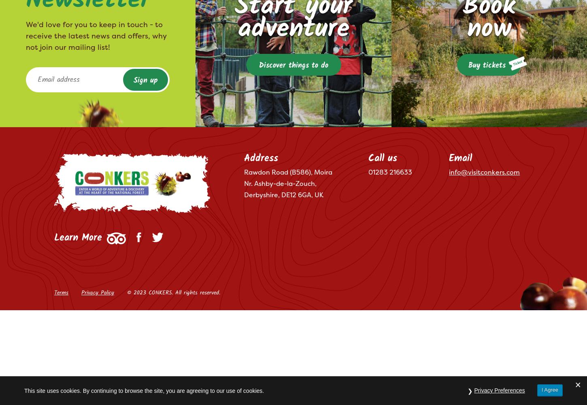 The height and width of the screenshot is (405, 587). I want to click on '01283 216633', so click(368, 172).